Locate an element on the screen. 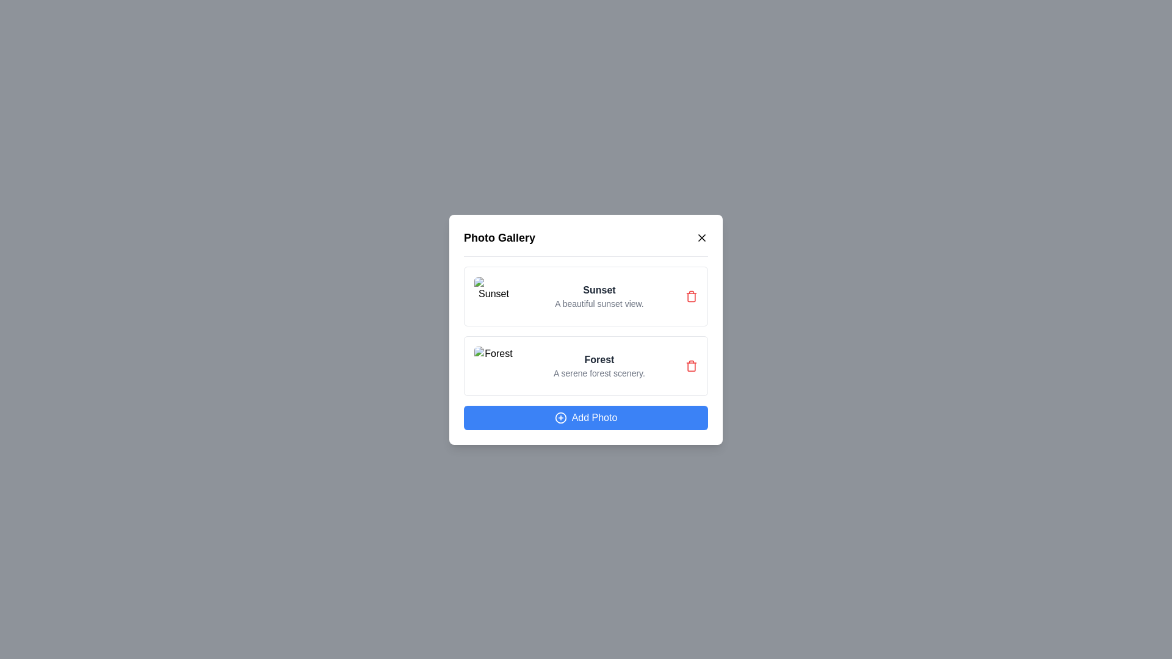  the textual label displaying 'Sunset', which is the first label in the photo gallery list, positioned to the right of the placeholder image icon is located at coordinates (599, 290).